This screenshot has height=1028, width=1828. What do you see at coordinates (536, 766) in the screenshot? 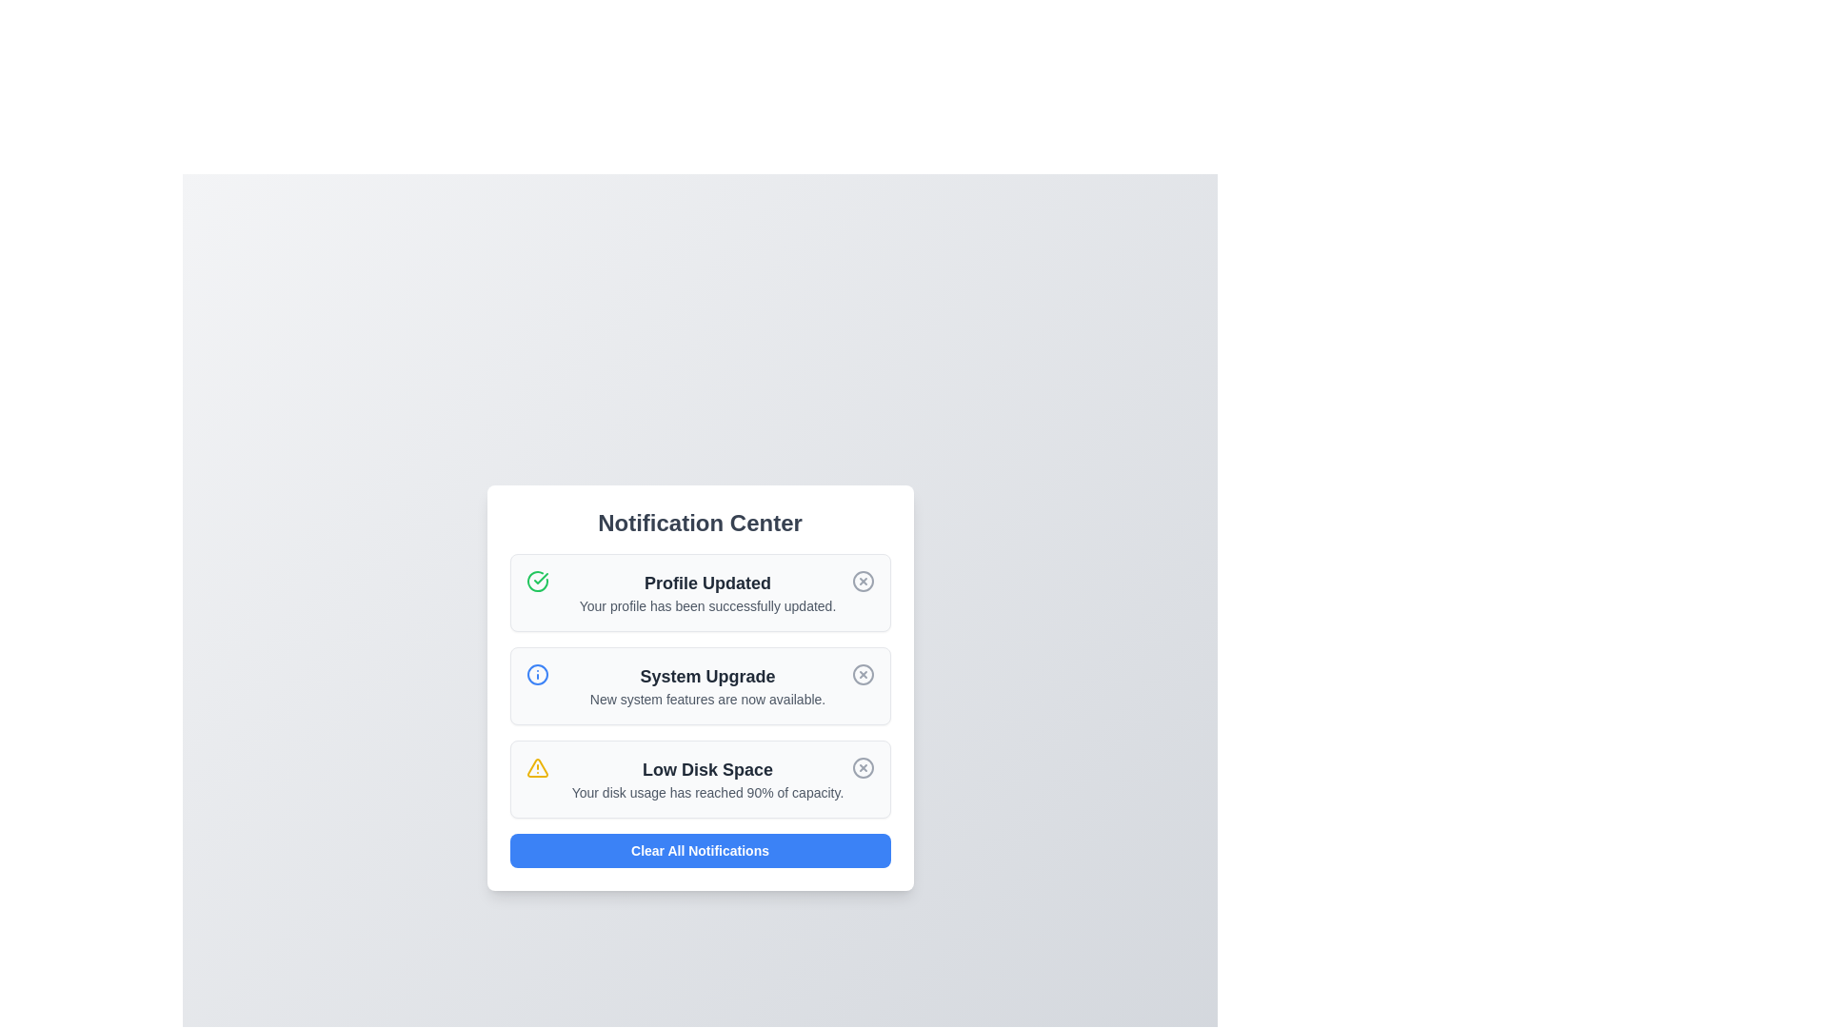
I see `the warning icon located to the left of the 'Low Disk Space' notification text, which serves as an alert symbol` at bounding box center [536, 766].